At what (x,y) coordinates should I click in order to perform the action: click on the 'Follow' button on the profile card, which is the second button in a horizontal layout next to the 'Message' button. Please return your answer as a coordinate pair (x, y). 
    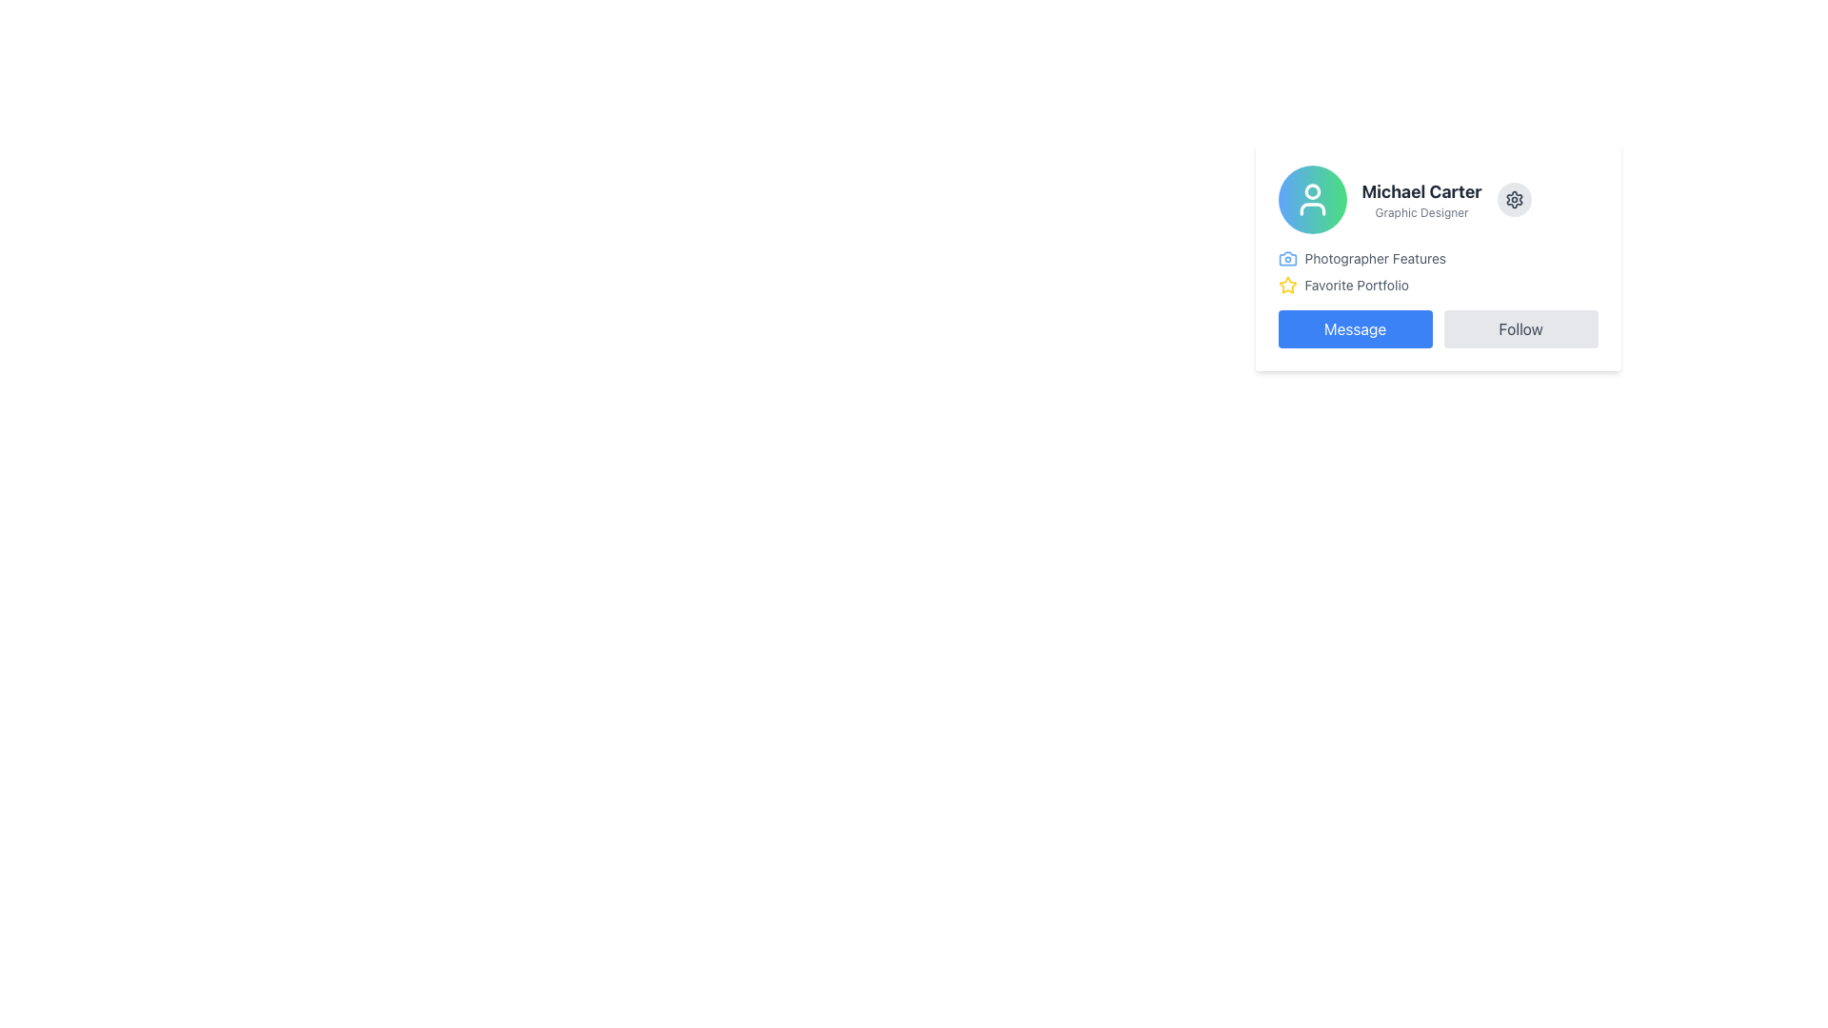
    Looking at the image, I should click on (1520, 328).